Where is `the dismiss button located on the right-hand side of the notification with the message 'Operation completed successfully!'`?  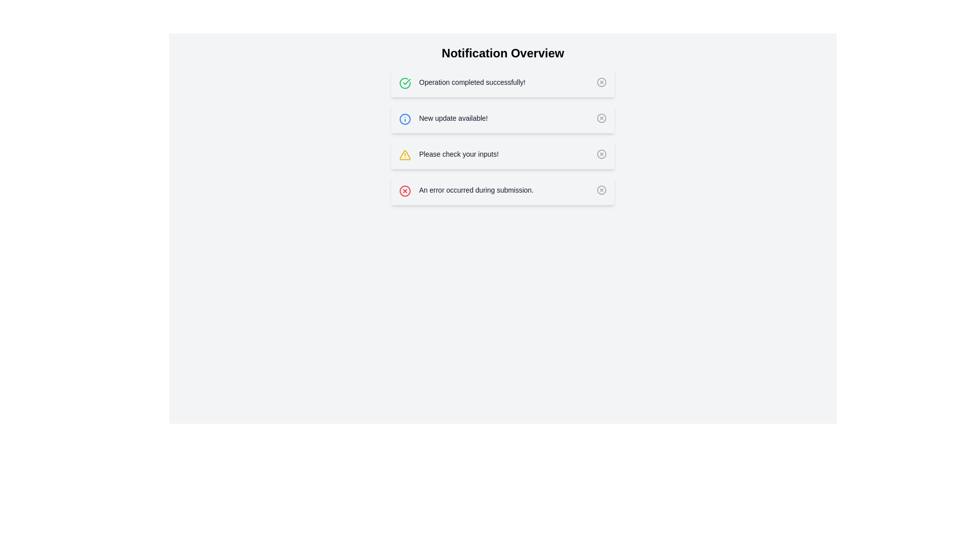
the dismiss button located on the right-hand side of the notification with the message 'Operation completed successfully!' is located at coordinates (601, 82).